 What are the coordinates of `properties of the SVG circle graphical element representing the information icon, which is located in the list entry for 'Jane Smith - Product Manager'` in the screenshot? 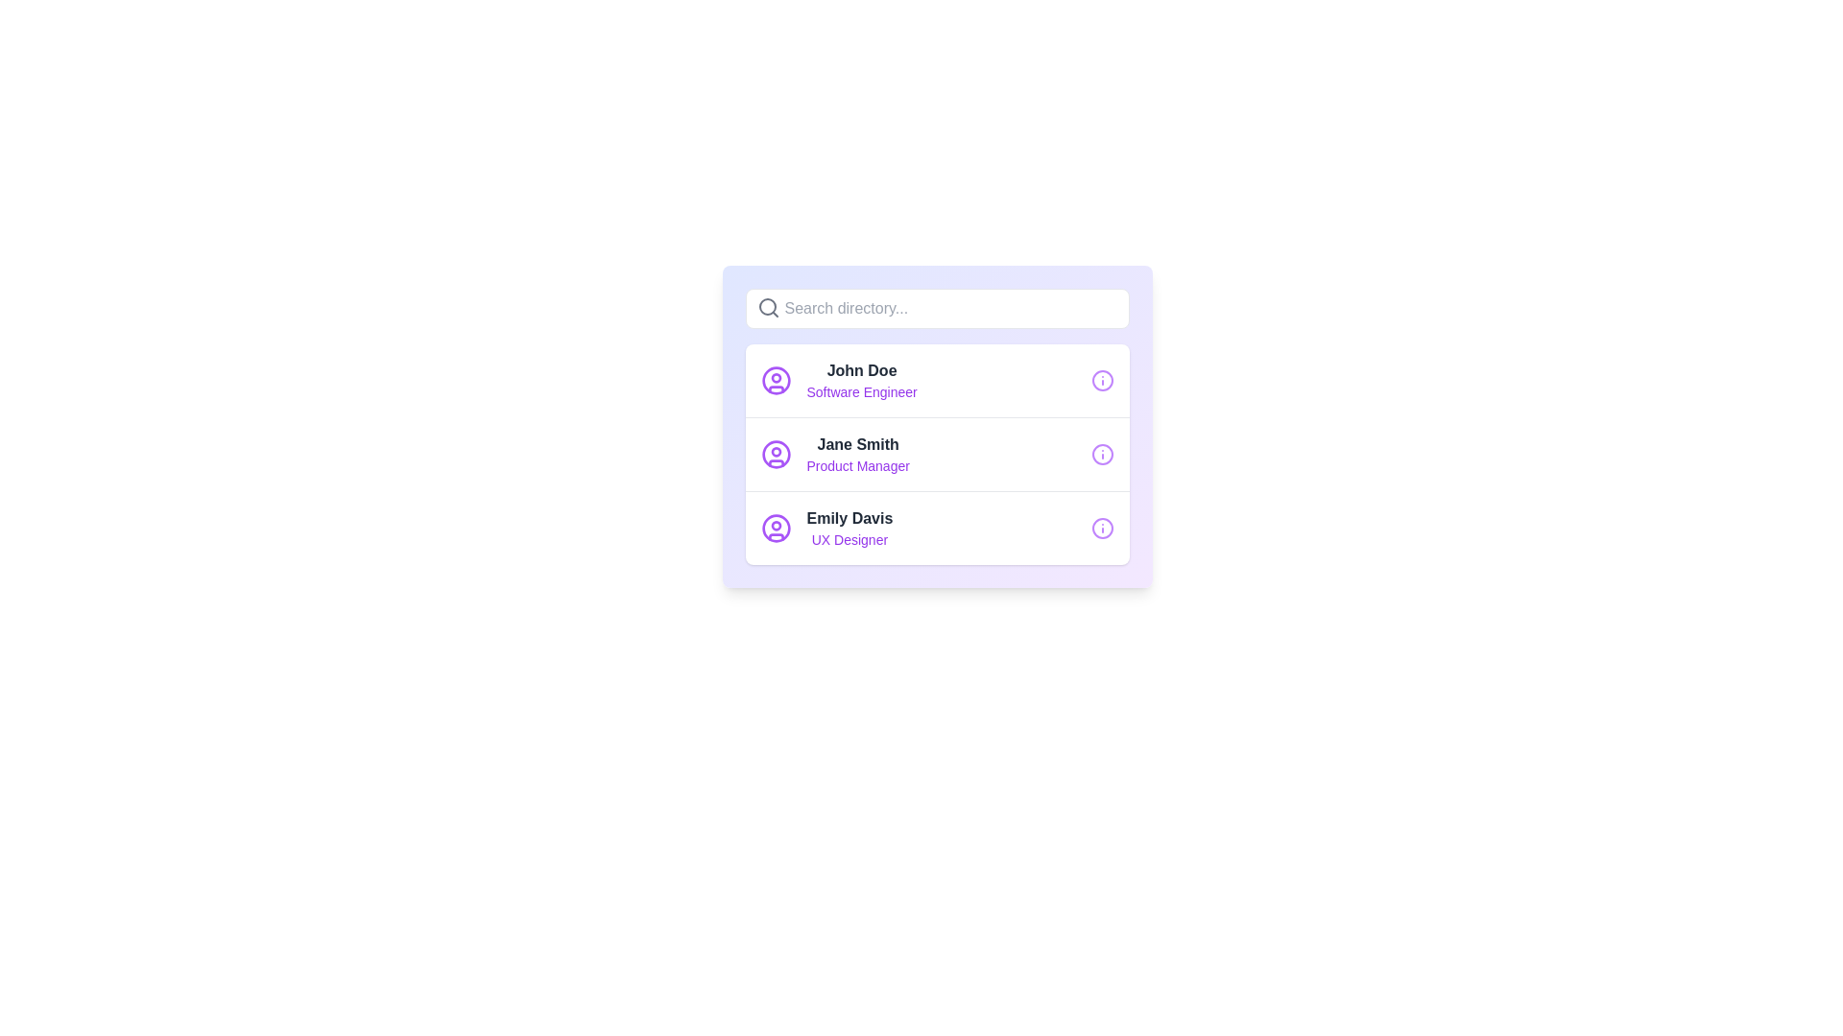 It's located at (1102, 455).